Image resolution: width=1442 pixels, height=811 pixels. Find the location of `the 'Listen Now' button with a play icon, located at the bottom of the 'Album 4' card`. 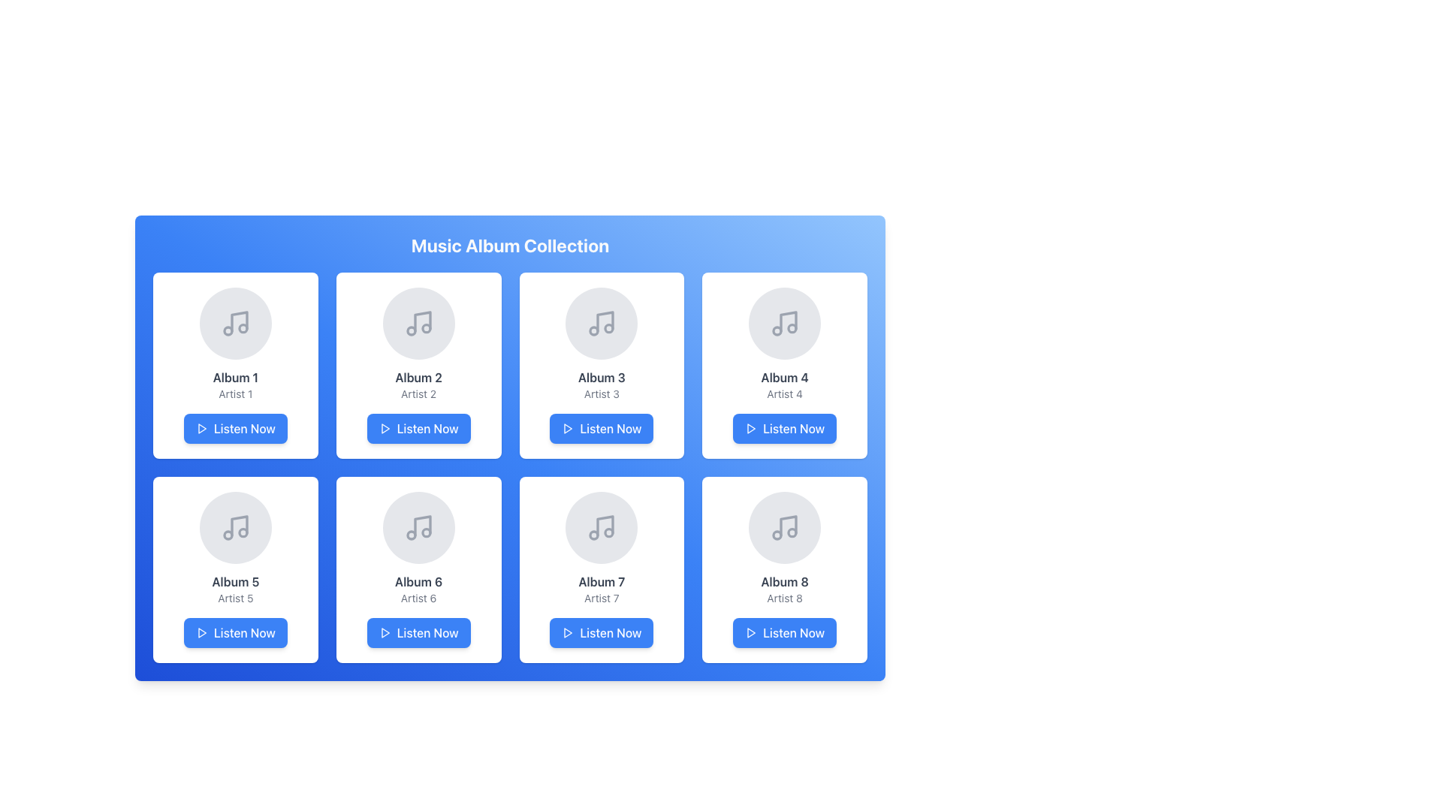

the 'Listen Now' button with a play icon, located at the bottom of the 'Album 4' card is located at coordinates (784, 428).